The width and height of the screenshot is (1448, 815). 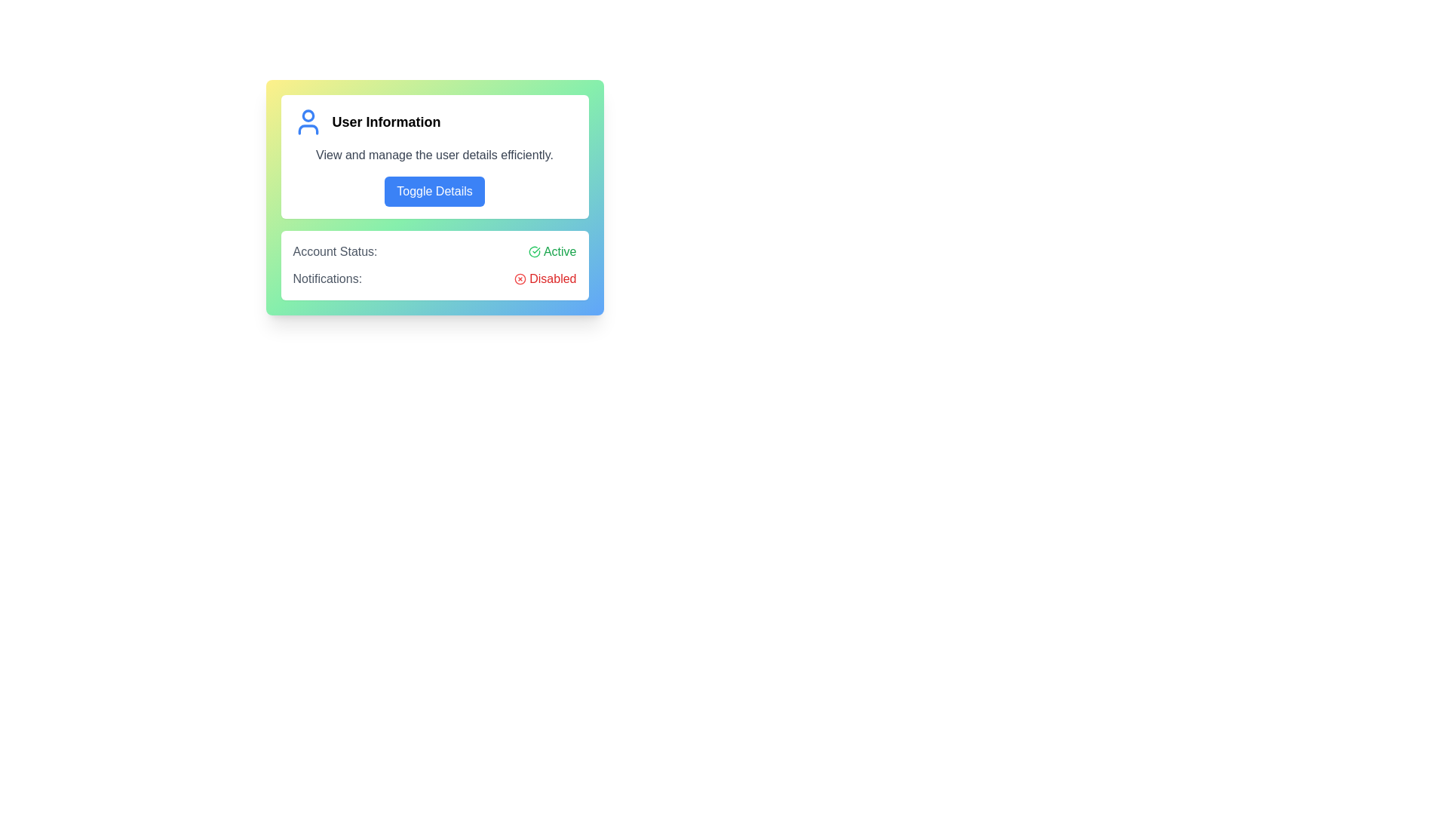 I want to click on the graphical circle indicator that represents the 'Disabled' notification state, located in the bottom-right quadrant of the main interface panel, so click(x=520, y=279).